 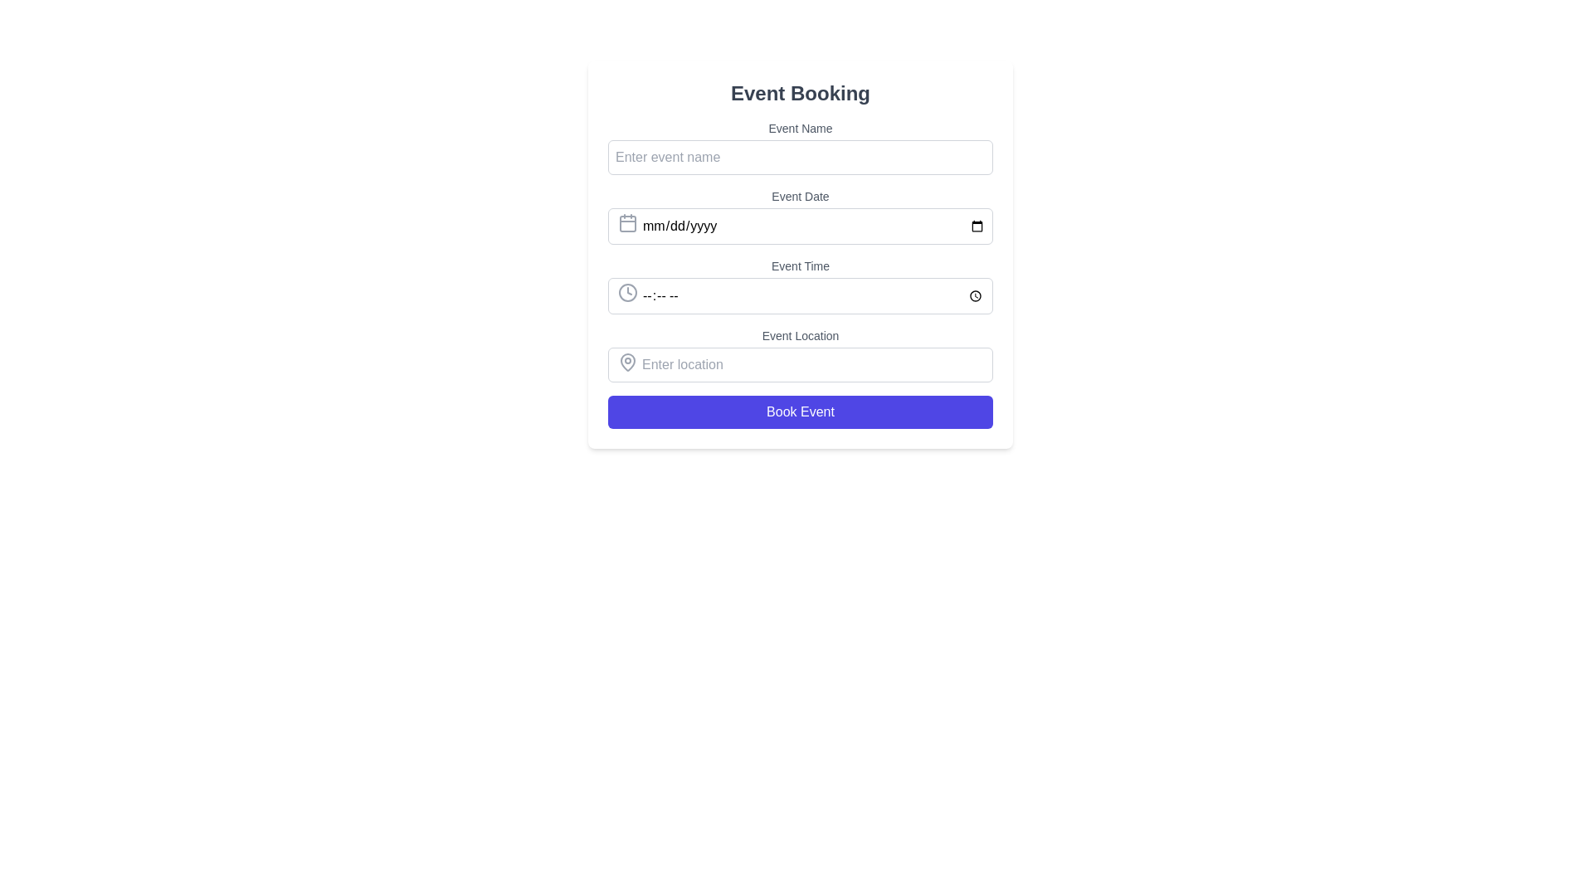 I want to click on the clock icon, which is a minimalistic gray circular icon with clock hands, located to the left of the 'Event Time' input field in the 'Event Booking' form, so click(x=627, y=292).